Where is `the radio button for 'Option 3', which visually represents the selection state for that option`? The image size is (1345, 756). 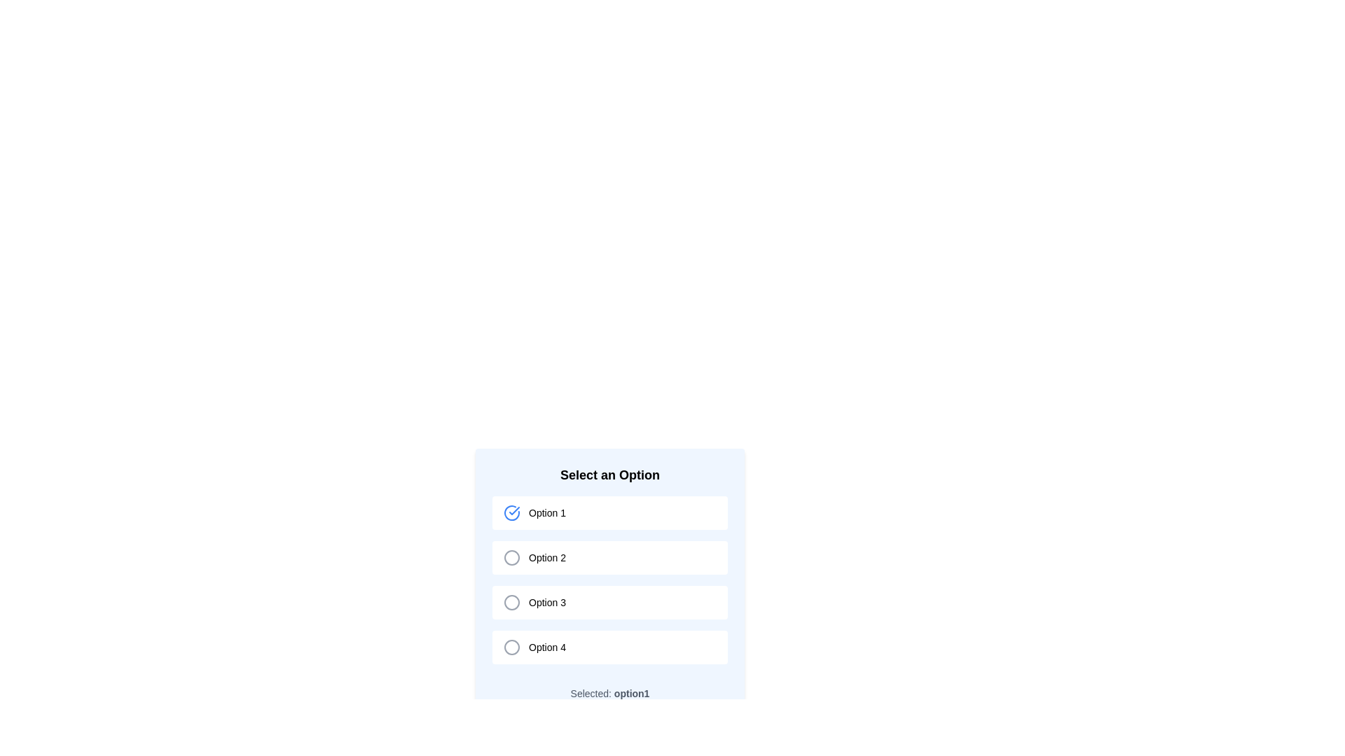 the radio button for 'Option 3', which visually represents the selection state for that option is located at coordinates (511, 601).